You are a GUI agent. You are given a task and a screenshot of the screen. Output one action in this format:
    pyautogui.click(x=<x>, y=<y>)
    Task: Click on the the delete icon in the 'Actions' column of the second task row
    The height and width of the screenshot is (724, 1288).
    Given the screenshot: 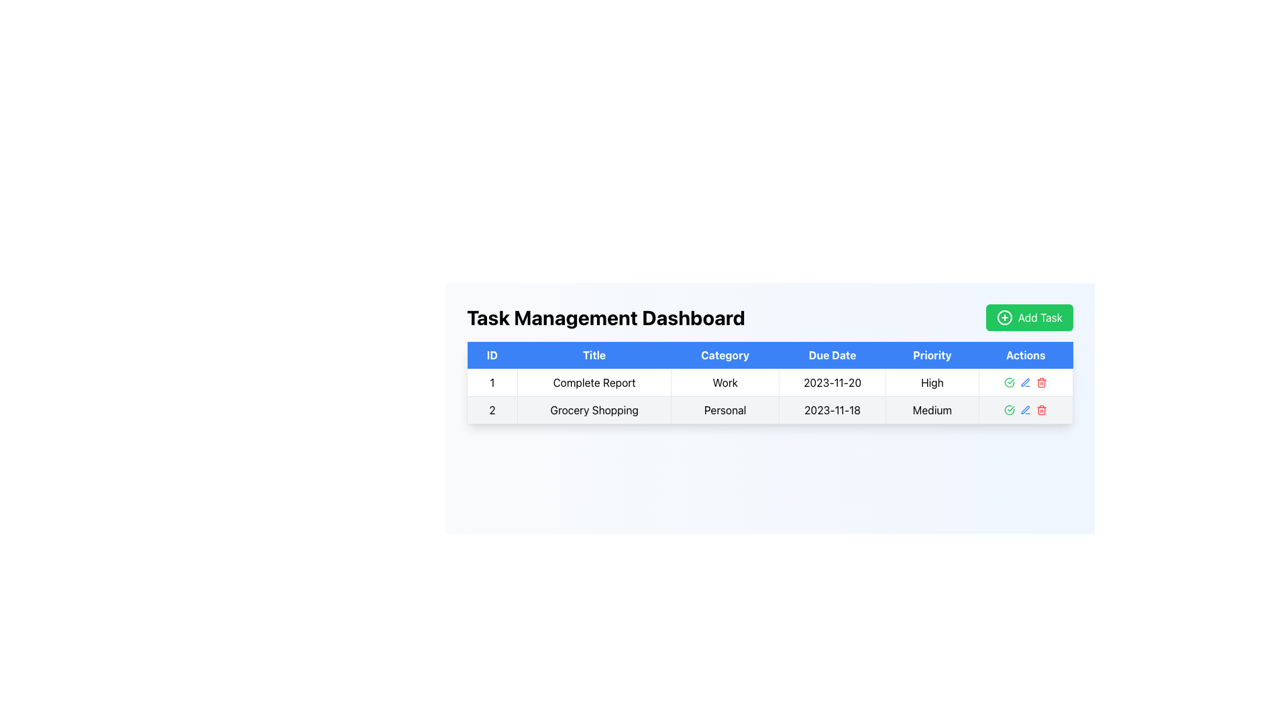 What is the action you would take?
    pyautogui.click(x=1041, y=383)
    